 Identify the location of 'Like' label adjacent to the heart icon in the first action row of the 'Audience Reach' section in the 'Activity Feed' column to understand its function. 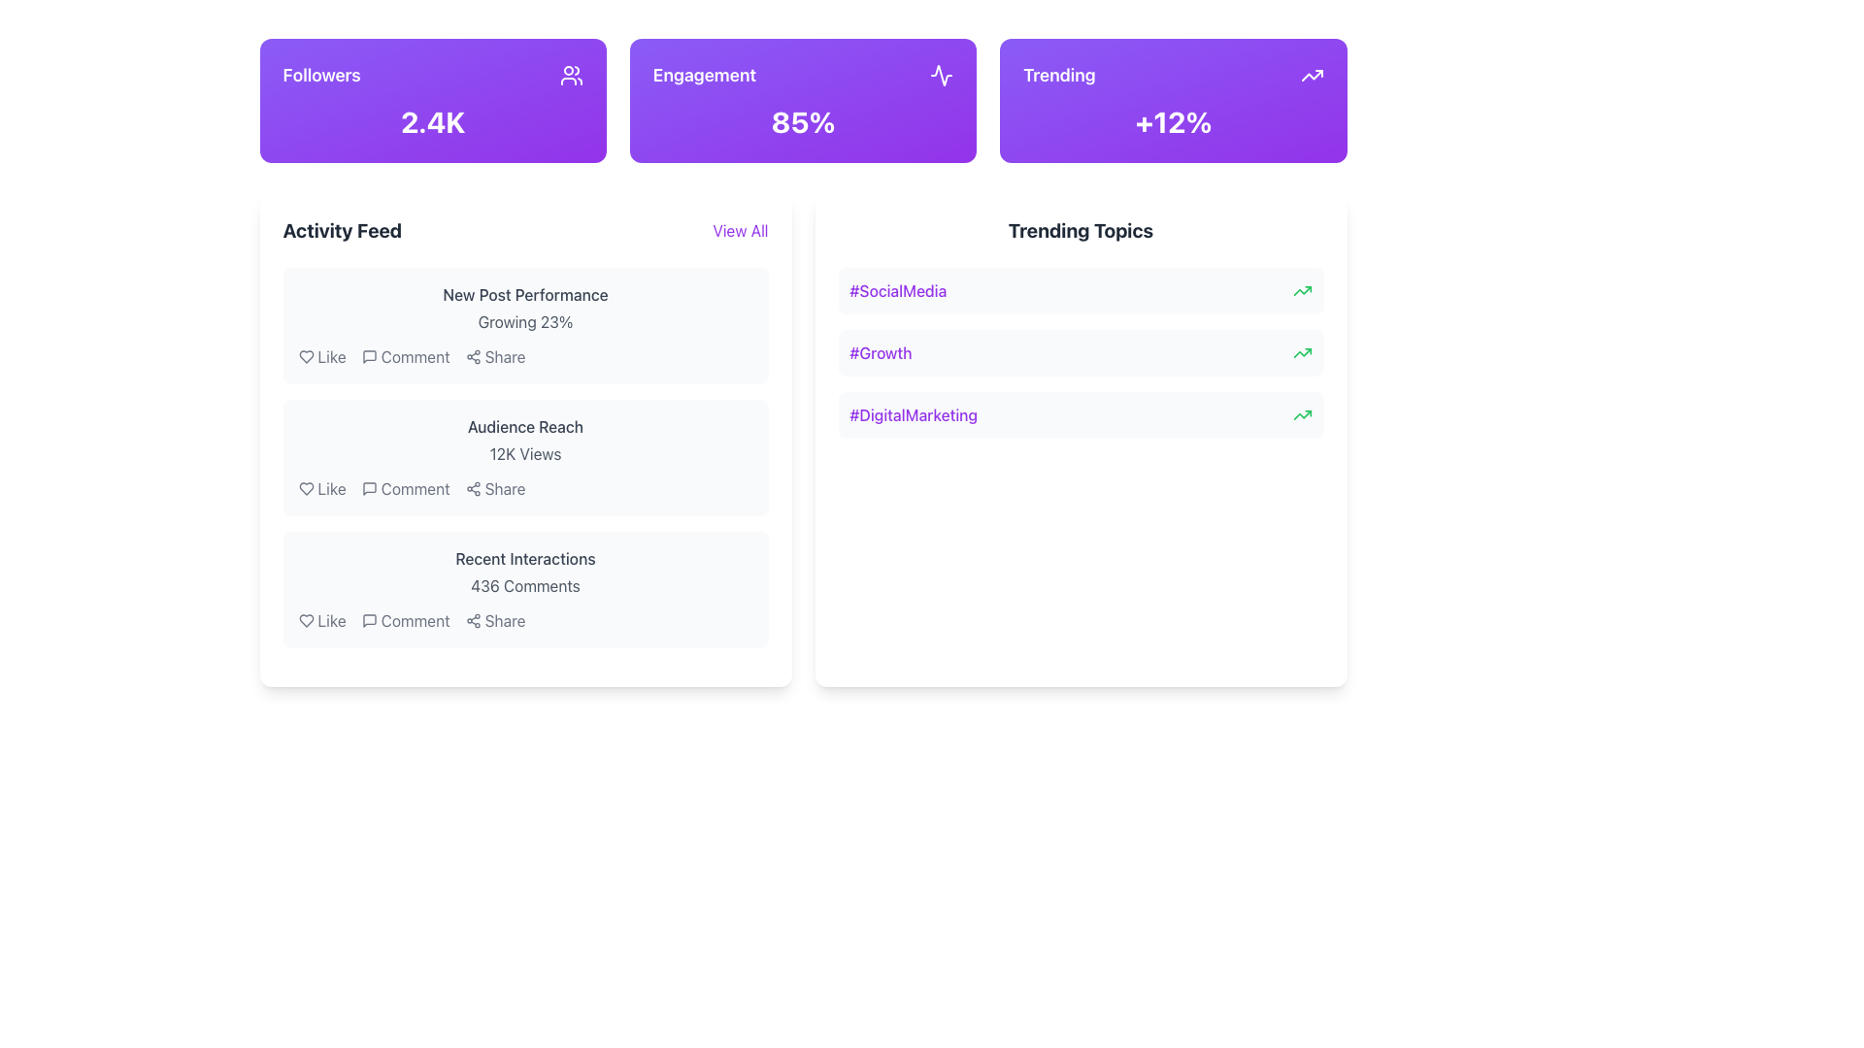
(332, 488).